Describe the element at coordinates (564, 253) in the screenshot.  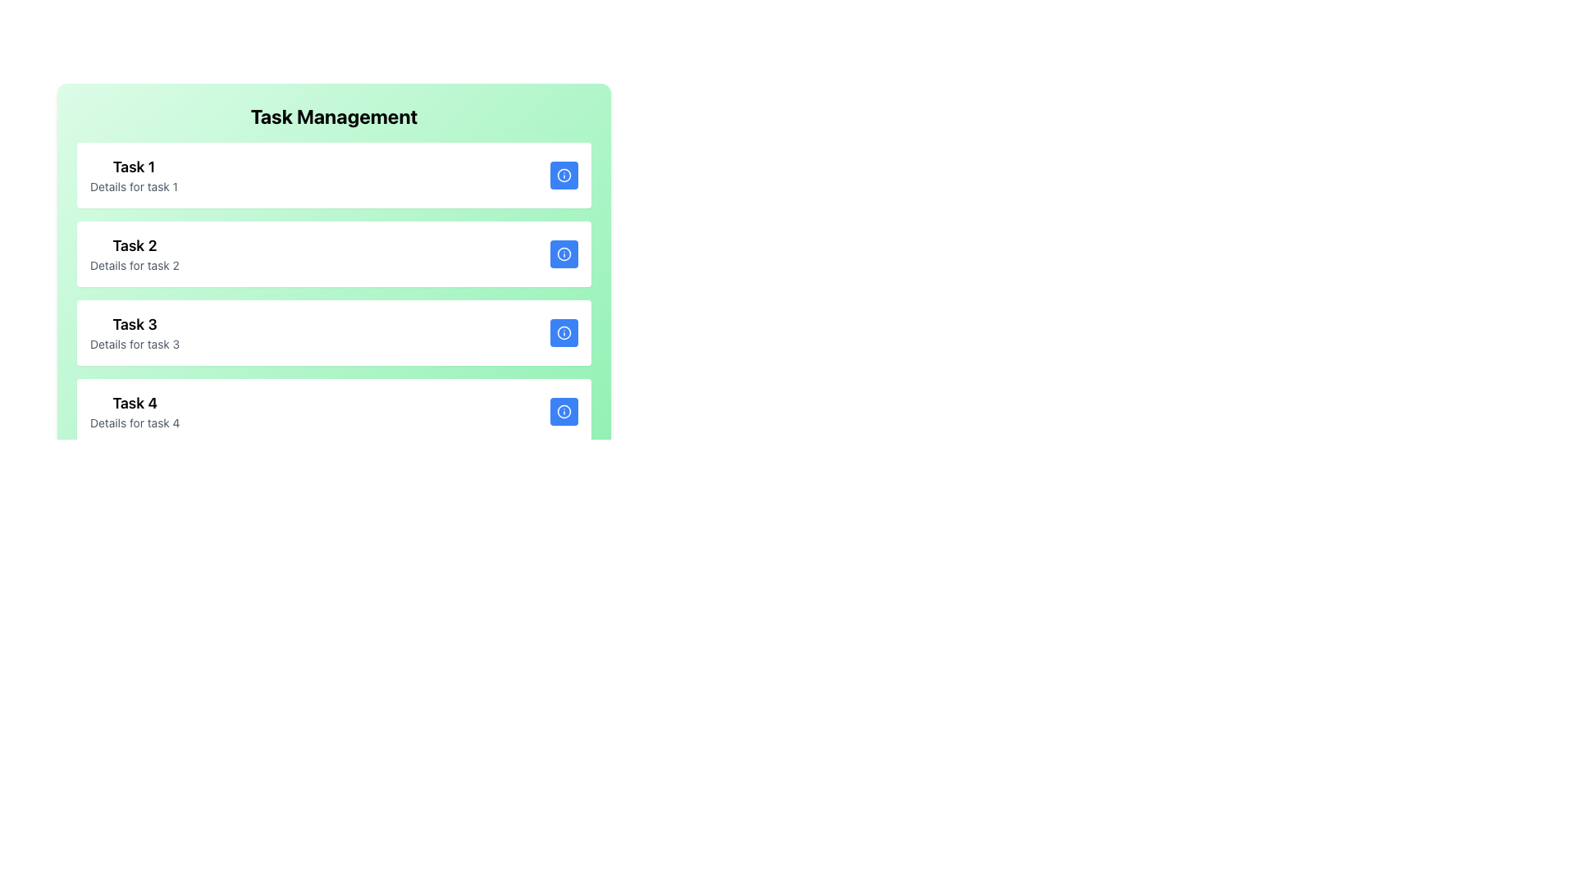
I see `the button associated with 'Task 2' to observe the hover effect` at that location.